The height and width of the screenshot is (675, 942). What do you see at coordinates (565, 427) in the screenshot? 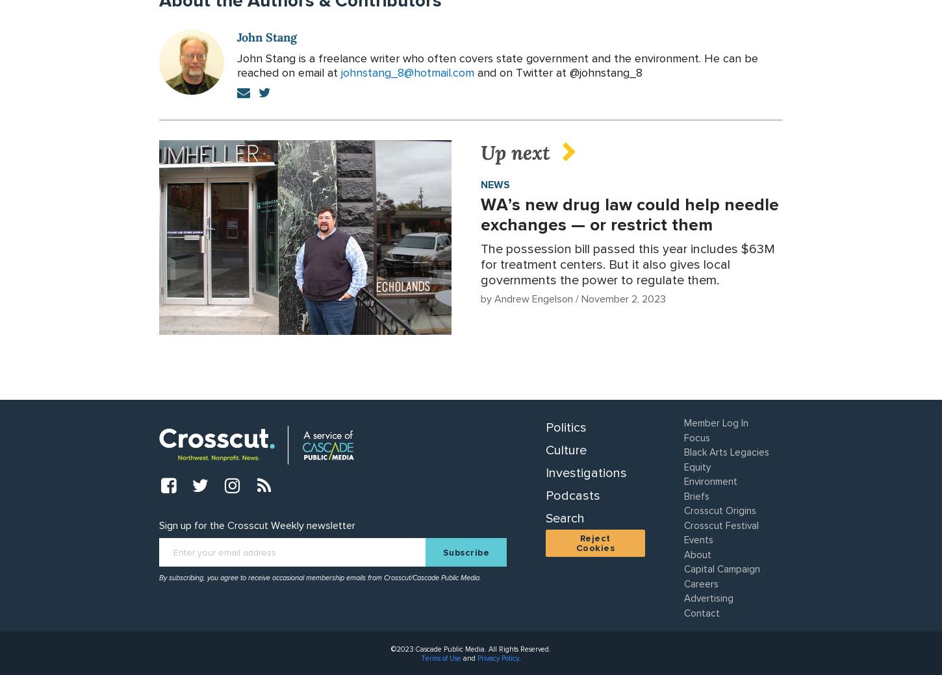
I see `'Politics'` at bounding box center [565, 427].